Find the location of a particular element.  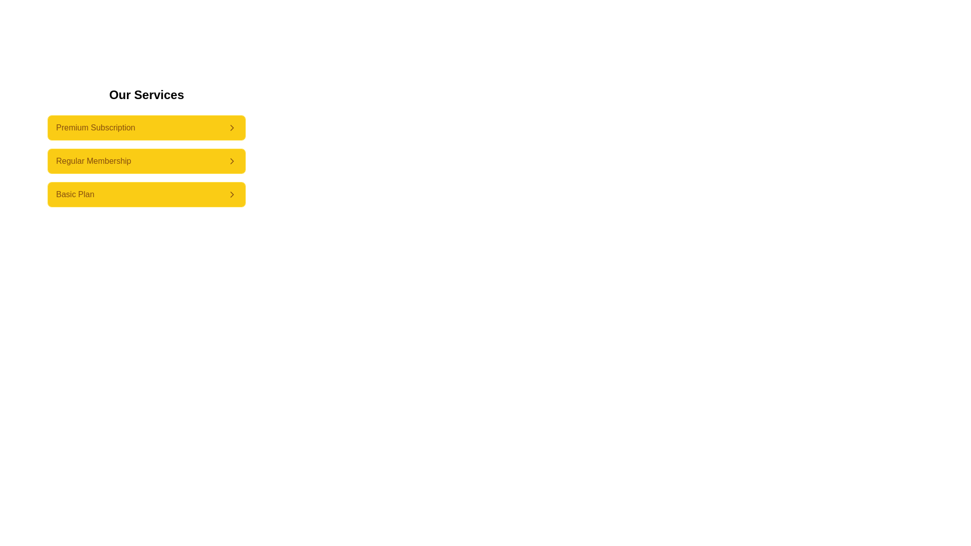

the 'Premium Subscription' button, which is the topmost button in the 'Our Services' section is located at coordinates (146, 127).